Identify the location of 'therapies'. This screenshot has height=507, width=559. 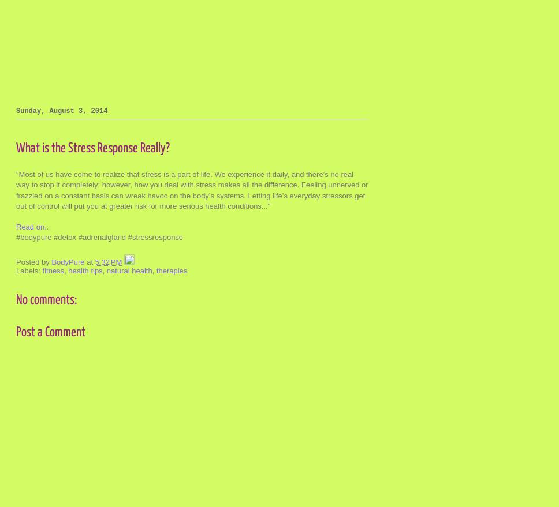
(170, 270).